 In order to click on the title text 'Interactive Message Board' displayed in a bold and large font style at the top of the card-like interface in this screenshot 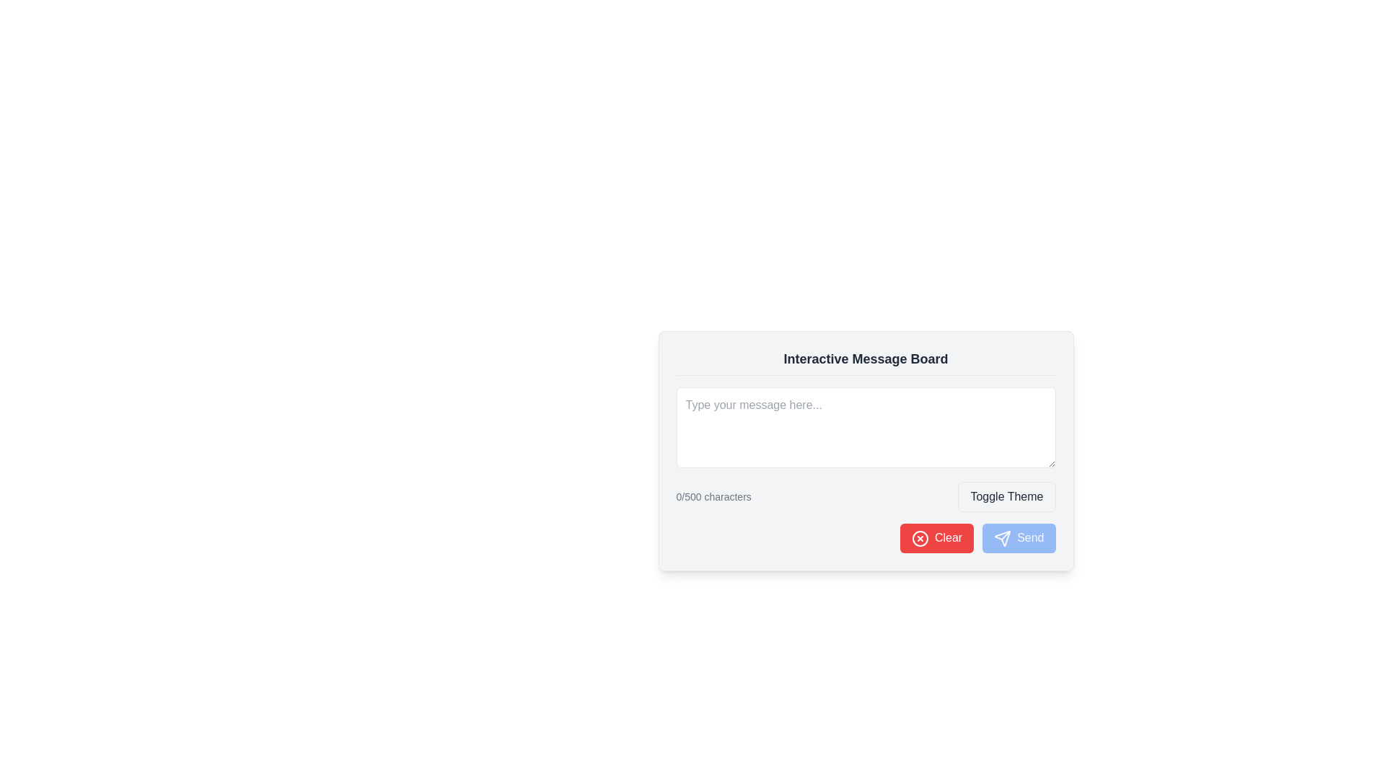, I will do `click(866, 361)`.